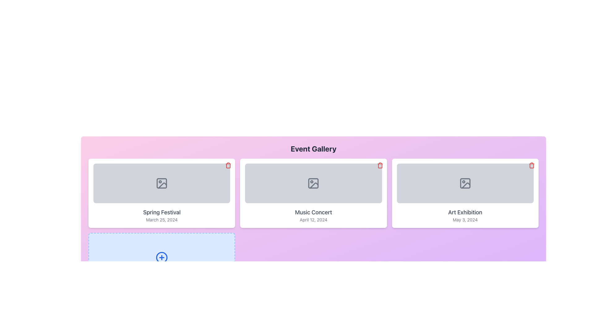  What do you see at coordinates (313, 183) in the screenshot?
I see `the image placeholder icon located in the middle card of the 'Event Gallery' section, which is positioned above the text 'Music Concert'` at bounding box center [313, 183].